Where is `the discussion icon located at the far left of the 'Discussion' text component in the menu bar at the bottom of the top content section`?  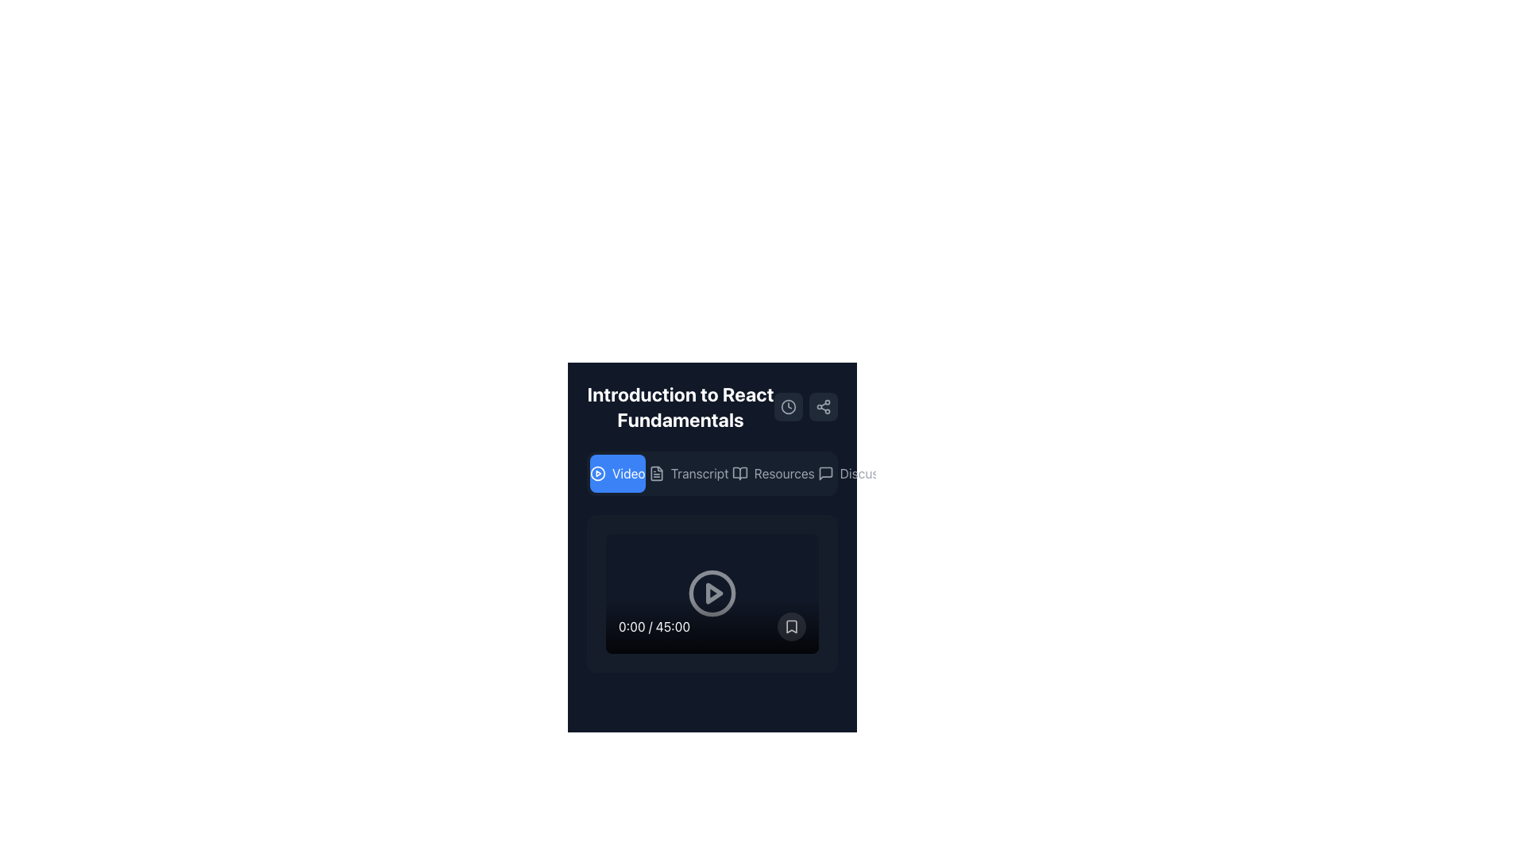 the discussion icon located at the far left of the 'Discussion' text component in the menu bar at the bottom of the top content section is located at coordinates (825, 473).